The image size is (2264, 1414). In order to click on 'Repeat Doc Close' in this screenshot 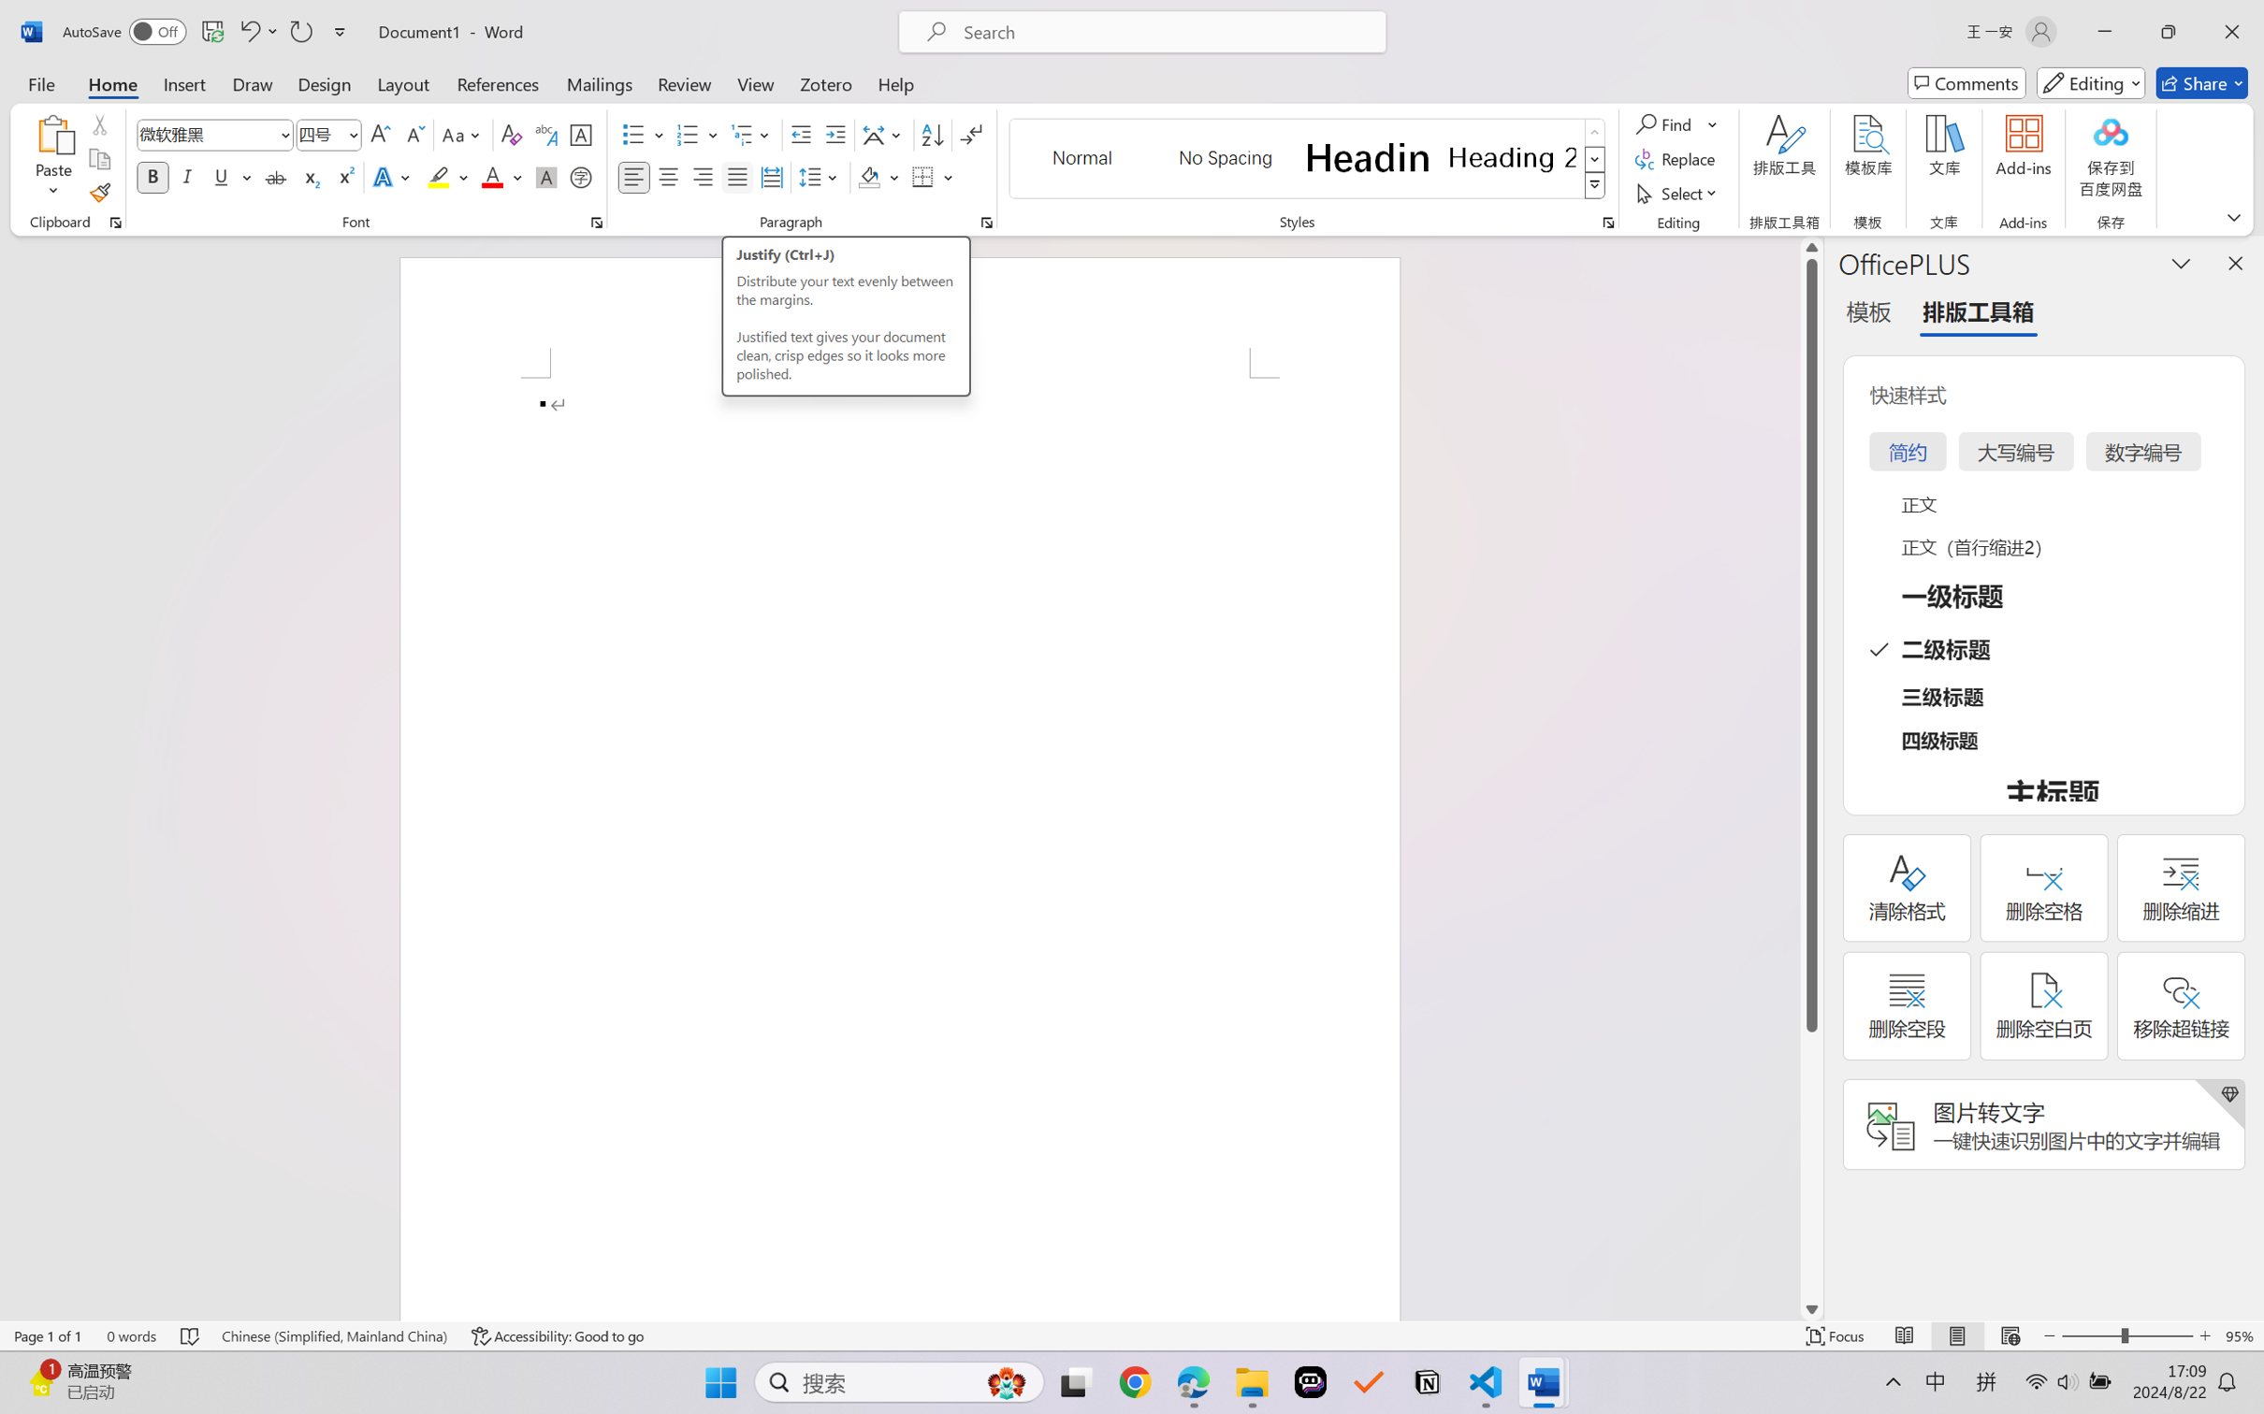, I will do `click(299, 31)`.